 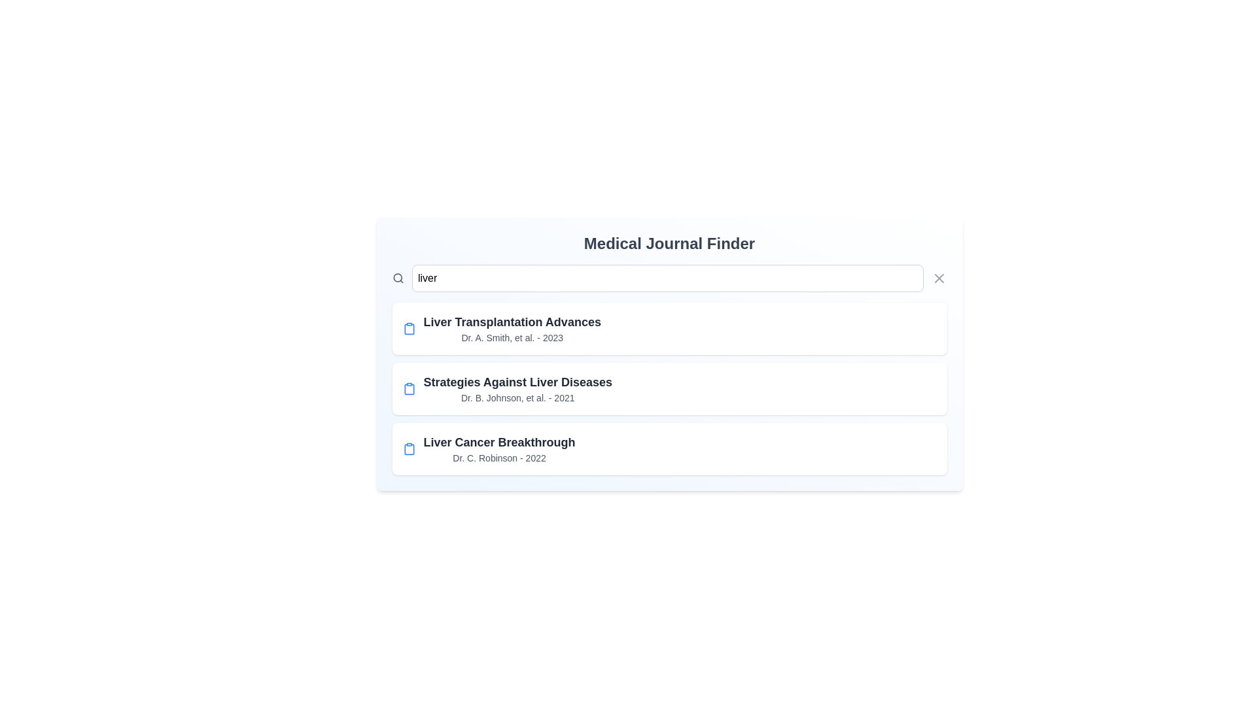 What do you see at coordinates (669, 448) in the screenshot?
I see `the journal entry titled 'Liver Cancer Breakthrough'` at bounding box center [669, 448].